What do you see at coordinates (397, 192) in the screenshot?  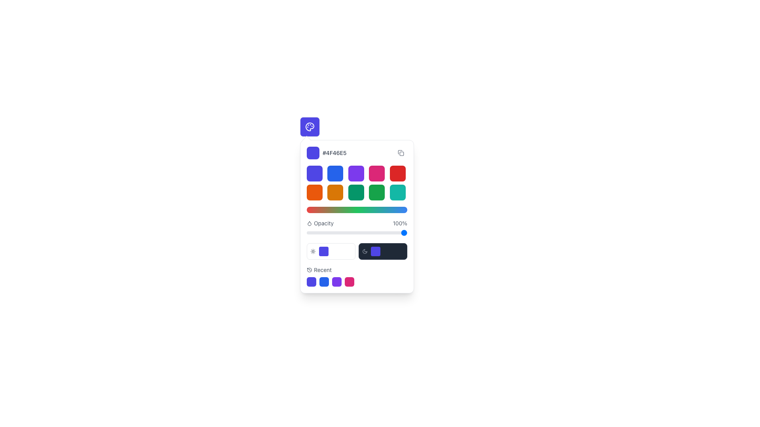 I see `the button in the second row and fifth column of the color selection grid` at bounding box center [397, 192].